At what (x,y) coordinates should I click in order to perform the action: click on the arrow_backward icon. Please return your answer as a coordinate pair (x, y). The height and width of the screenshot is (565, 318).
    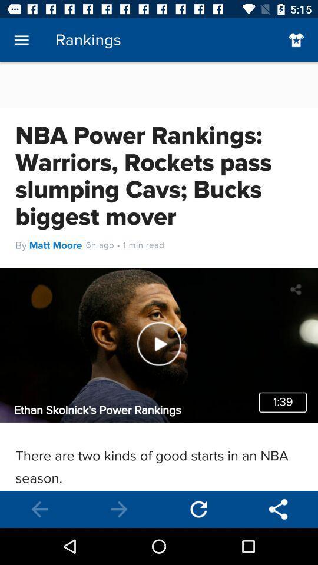
    Looking at the image, I should click on (39, 508).